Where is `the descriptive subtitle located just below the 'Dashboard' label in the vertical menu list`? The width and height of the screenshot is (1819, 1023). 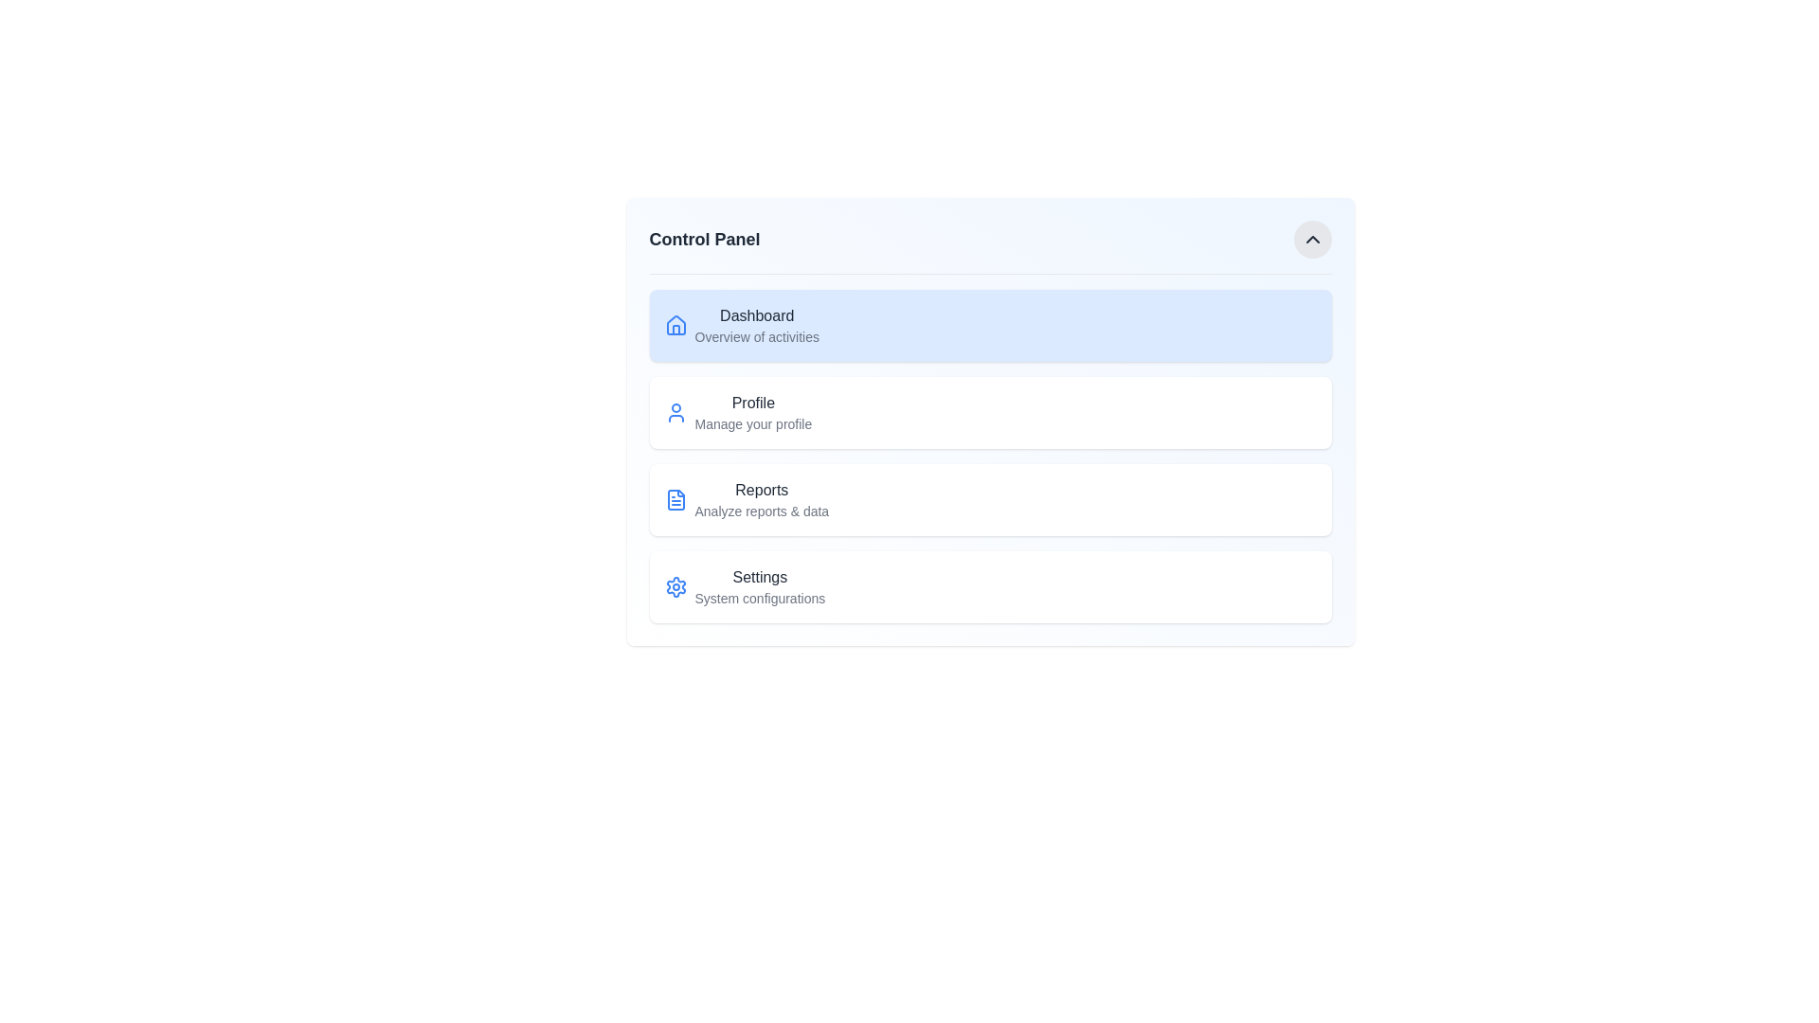
the descriptive subtitle located just below the 'Dashboard' label in the vertical menu list is located at coordinates (756, 335).